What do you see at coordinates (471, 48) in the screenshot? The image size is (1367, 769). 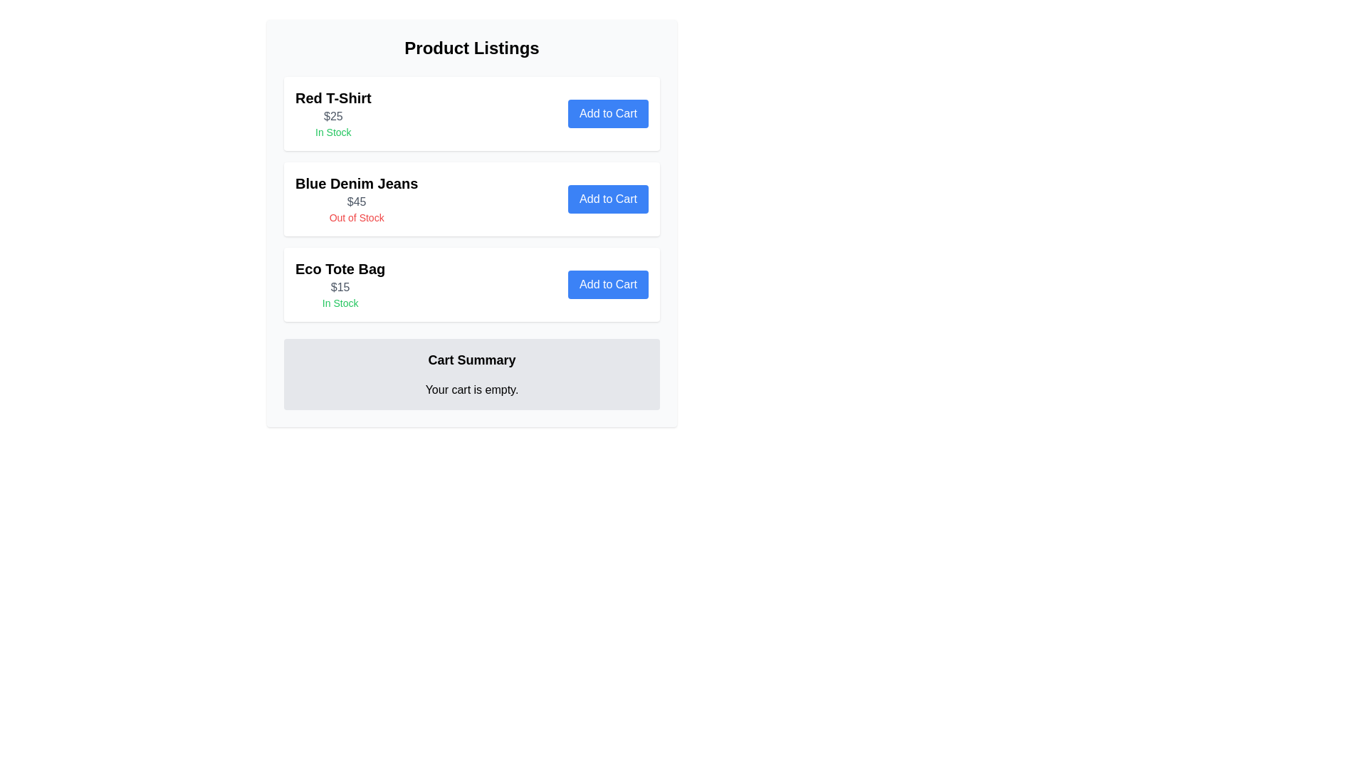 I see `the bold heading text 'Product Listings' located at the top of the content section, which is visually distinct due to its large size and bold styling` at bounding box center [471, 48].